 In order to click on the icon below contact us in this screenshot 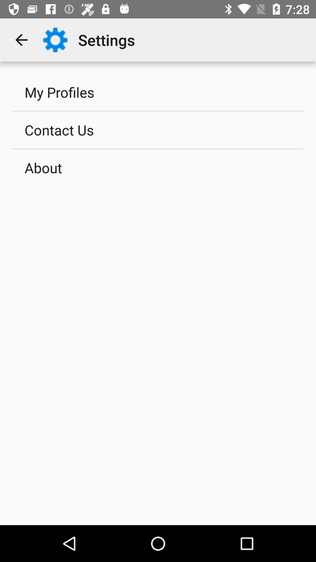, I will do `click(158, 167)`.